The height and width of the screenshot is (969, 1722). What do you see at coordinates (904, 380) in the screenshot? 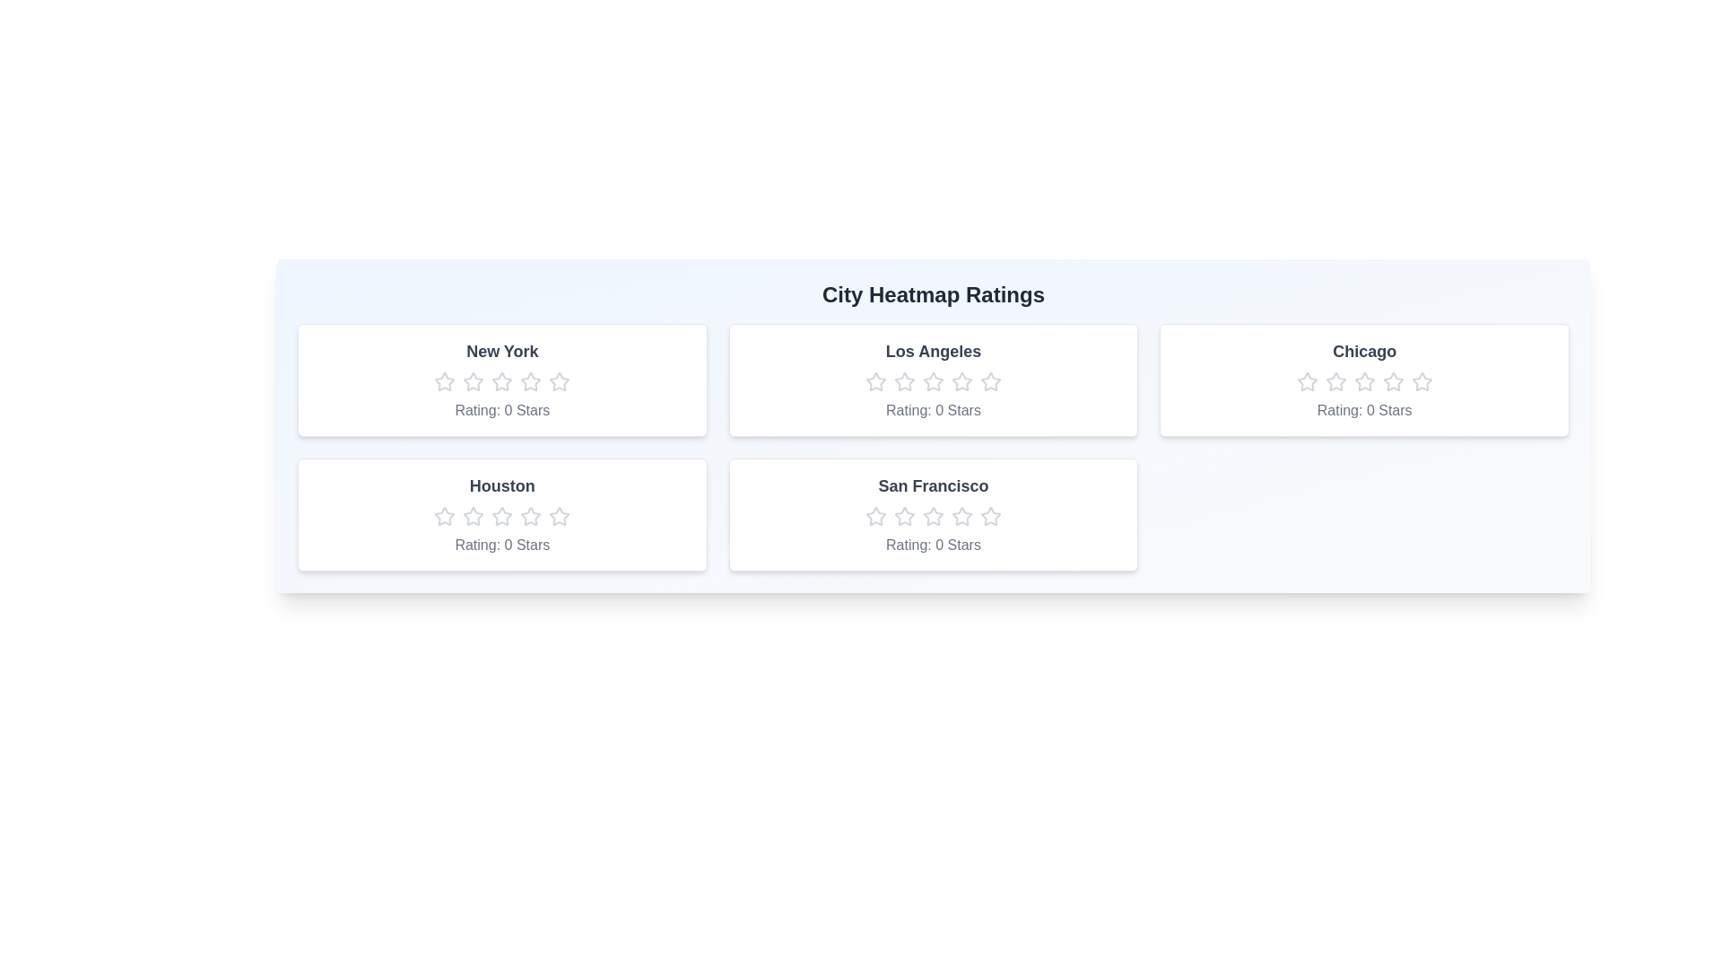
I see `the Los Angeles rating star number 2` at bounding box center [904, 380].